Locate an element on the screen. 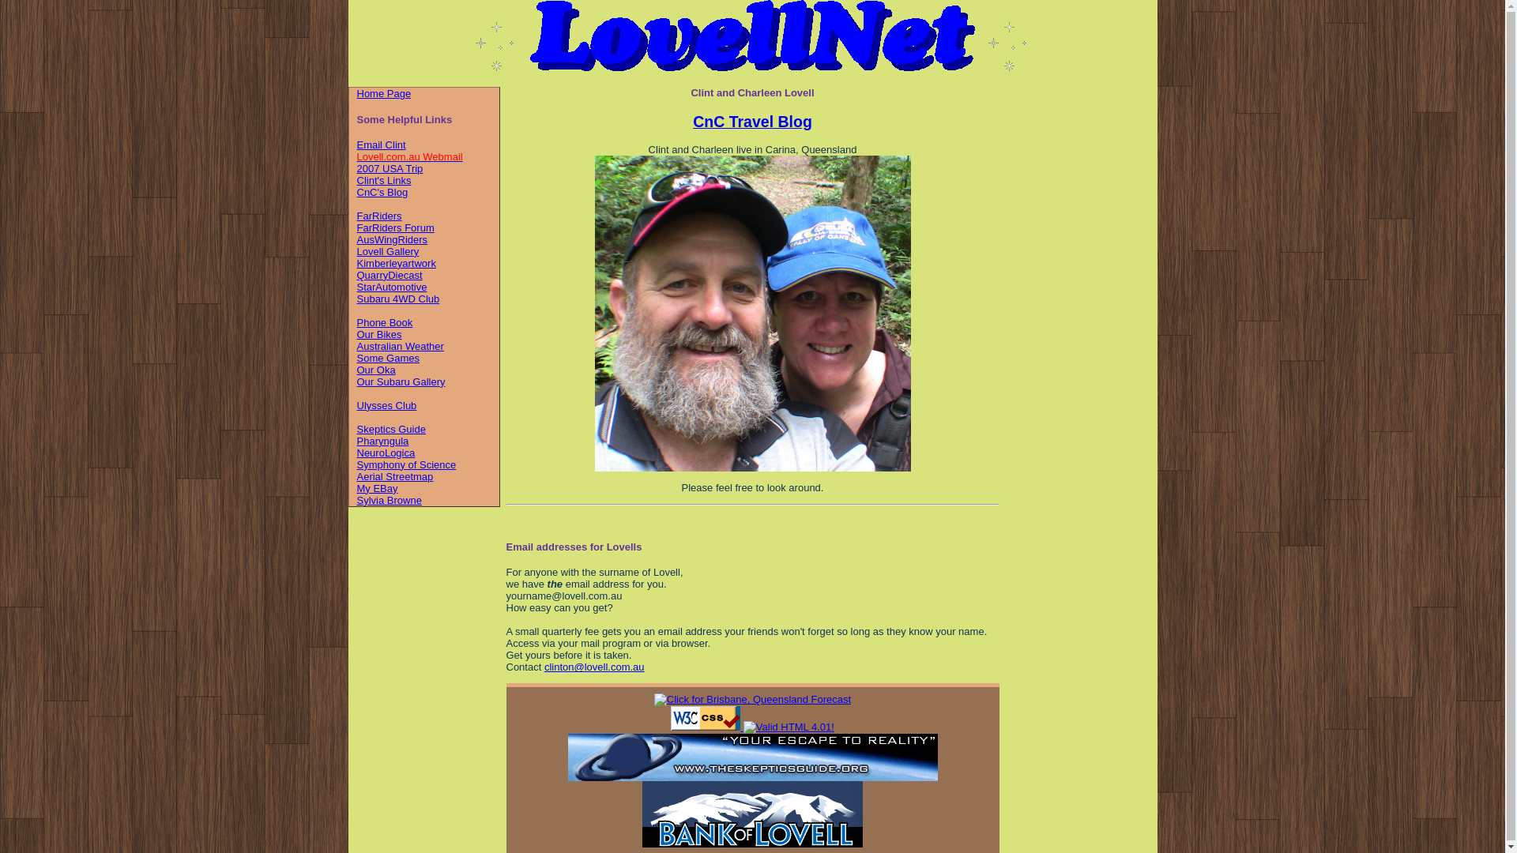 The image size is (1517, 853). 'Home Page' is located at coordinates (384, 93).